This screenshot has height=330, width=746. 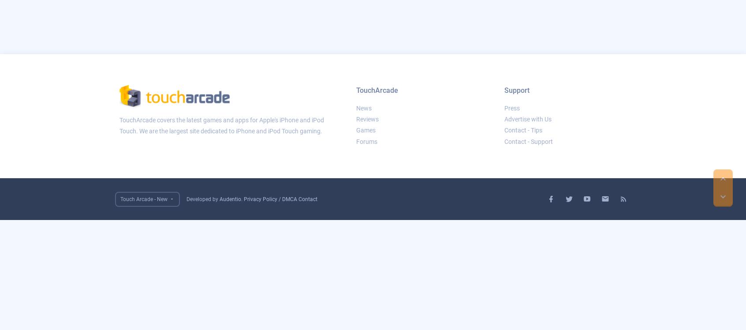 What do you see at coordinates (528, 141) in the screenshot?
I see `'Contact - Support'` at bounding box center [528, 141].